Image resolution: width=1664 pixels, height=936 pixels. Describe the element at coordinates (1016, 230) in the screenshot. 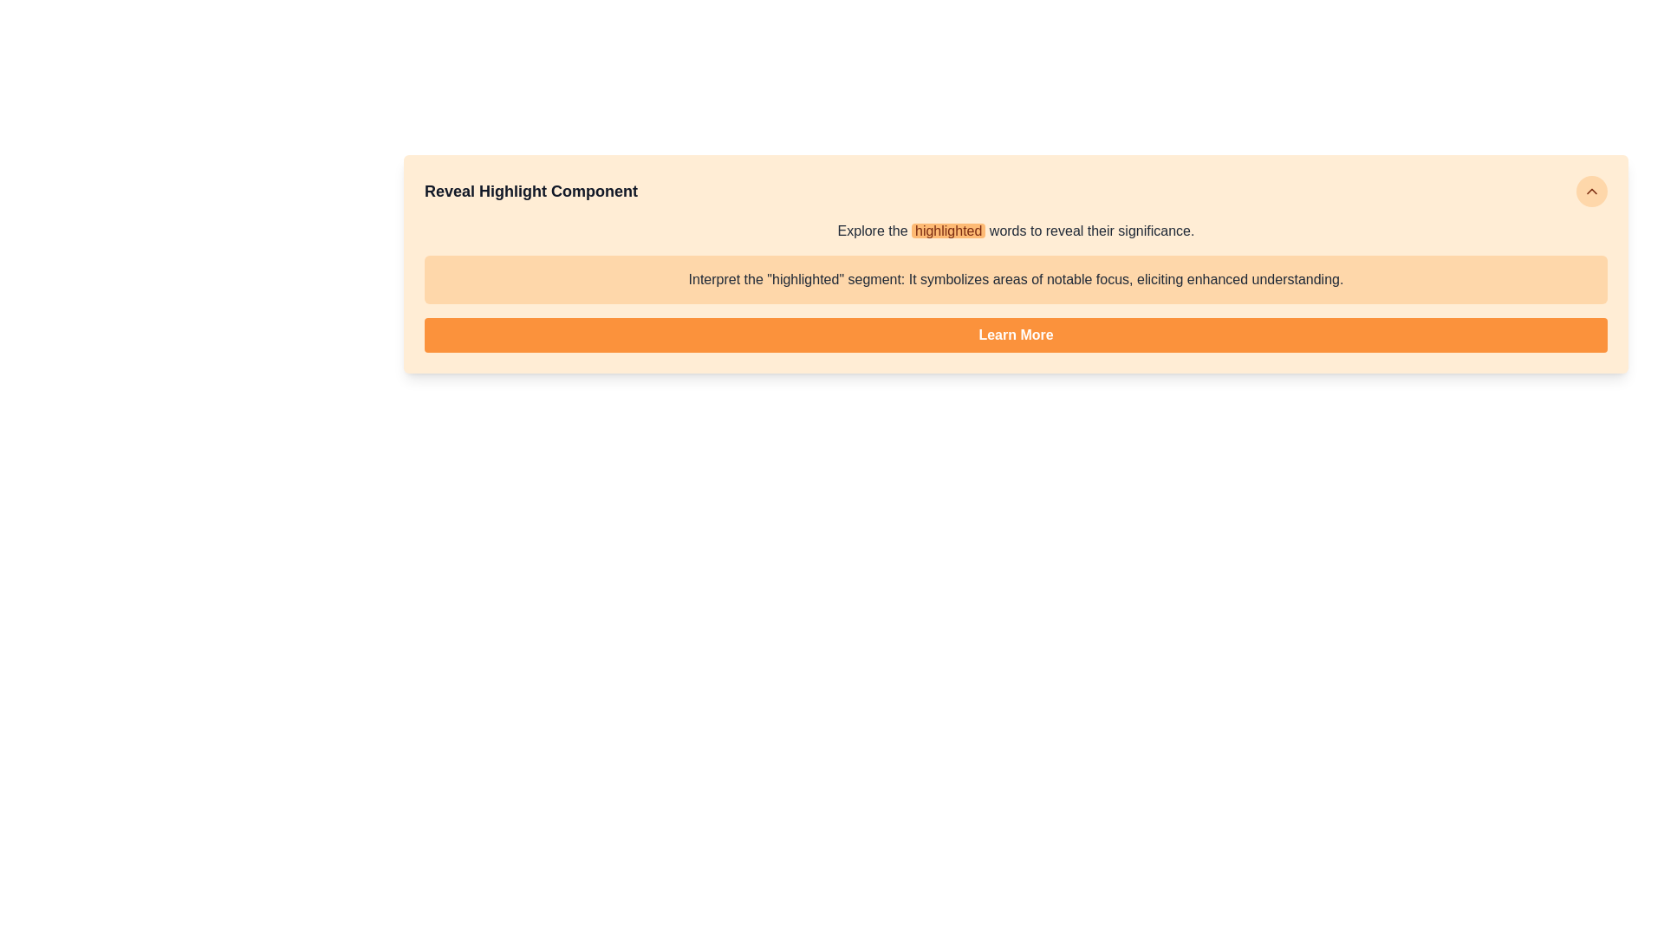

I see `the text label that contains the phrase 'Explore the highlighted words` at that location.